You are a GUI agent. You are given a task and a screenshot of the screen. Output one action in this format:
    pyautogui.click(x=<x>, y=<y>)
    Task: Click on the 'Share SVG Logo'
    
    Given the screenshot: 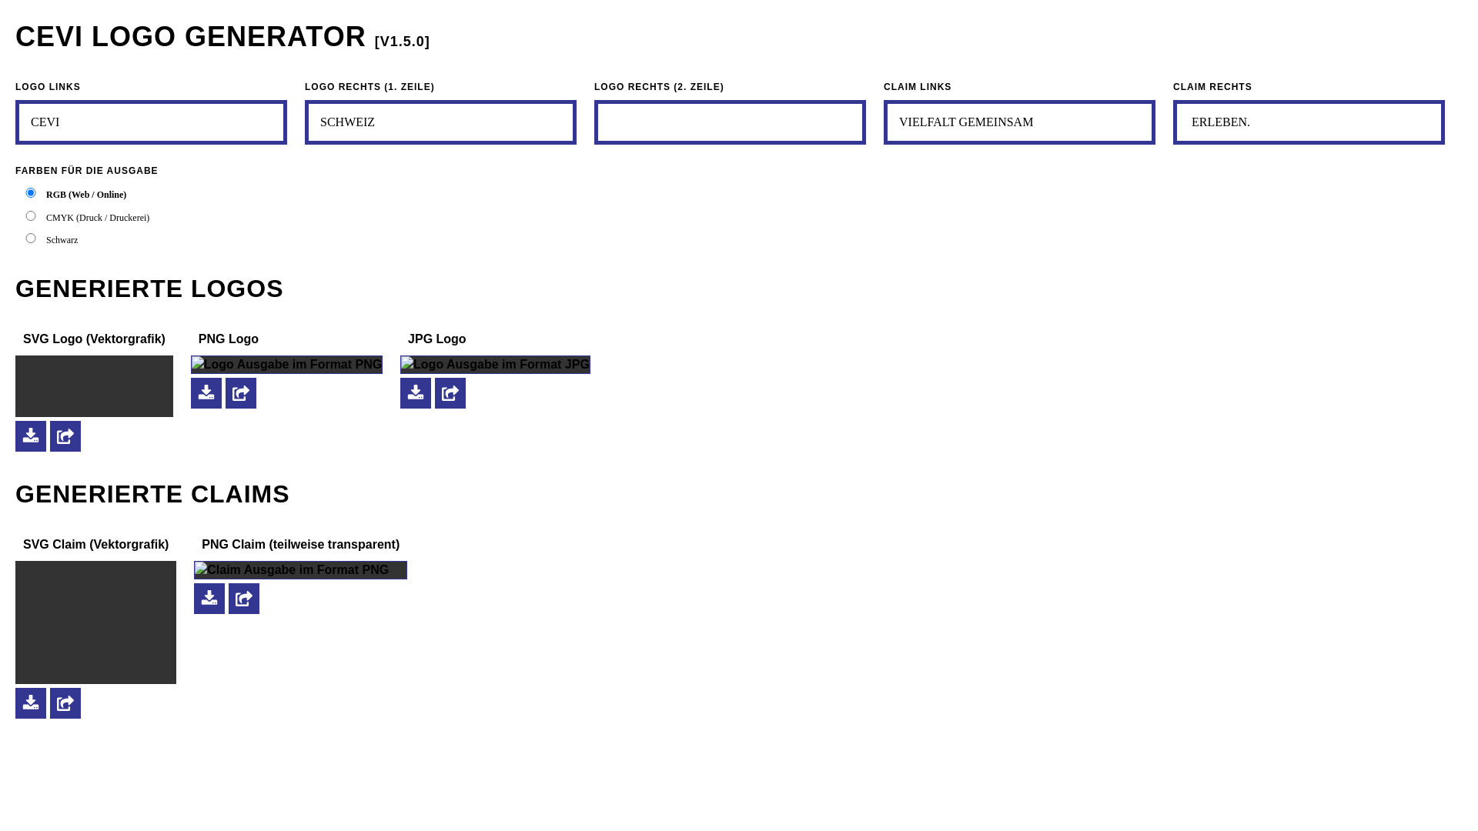 What is the action you would take?
    pyautogui.click(x=65, y=436)
    